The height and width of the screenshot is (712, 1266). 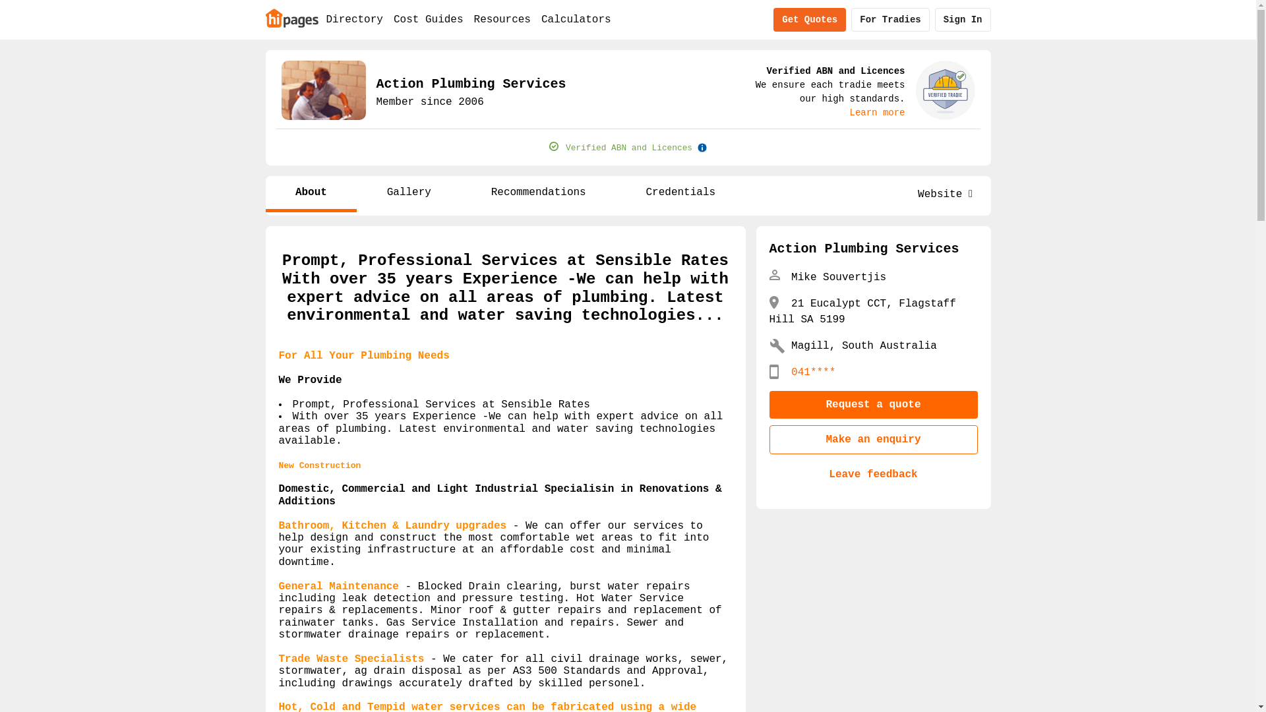 I want to click on 'Recommendations', so click(x=538, y=194).